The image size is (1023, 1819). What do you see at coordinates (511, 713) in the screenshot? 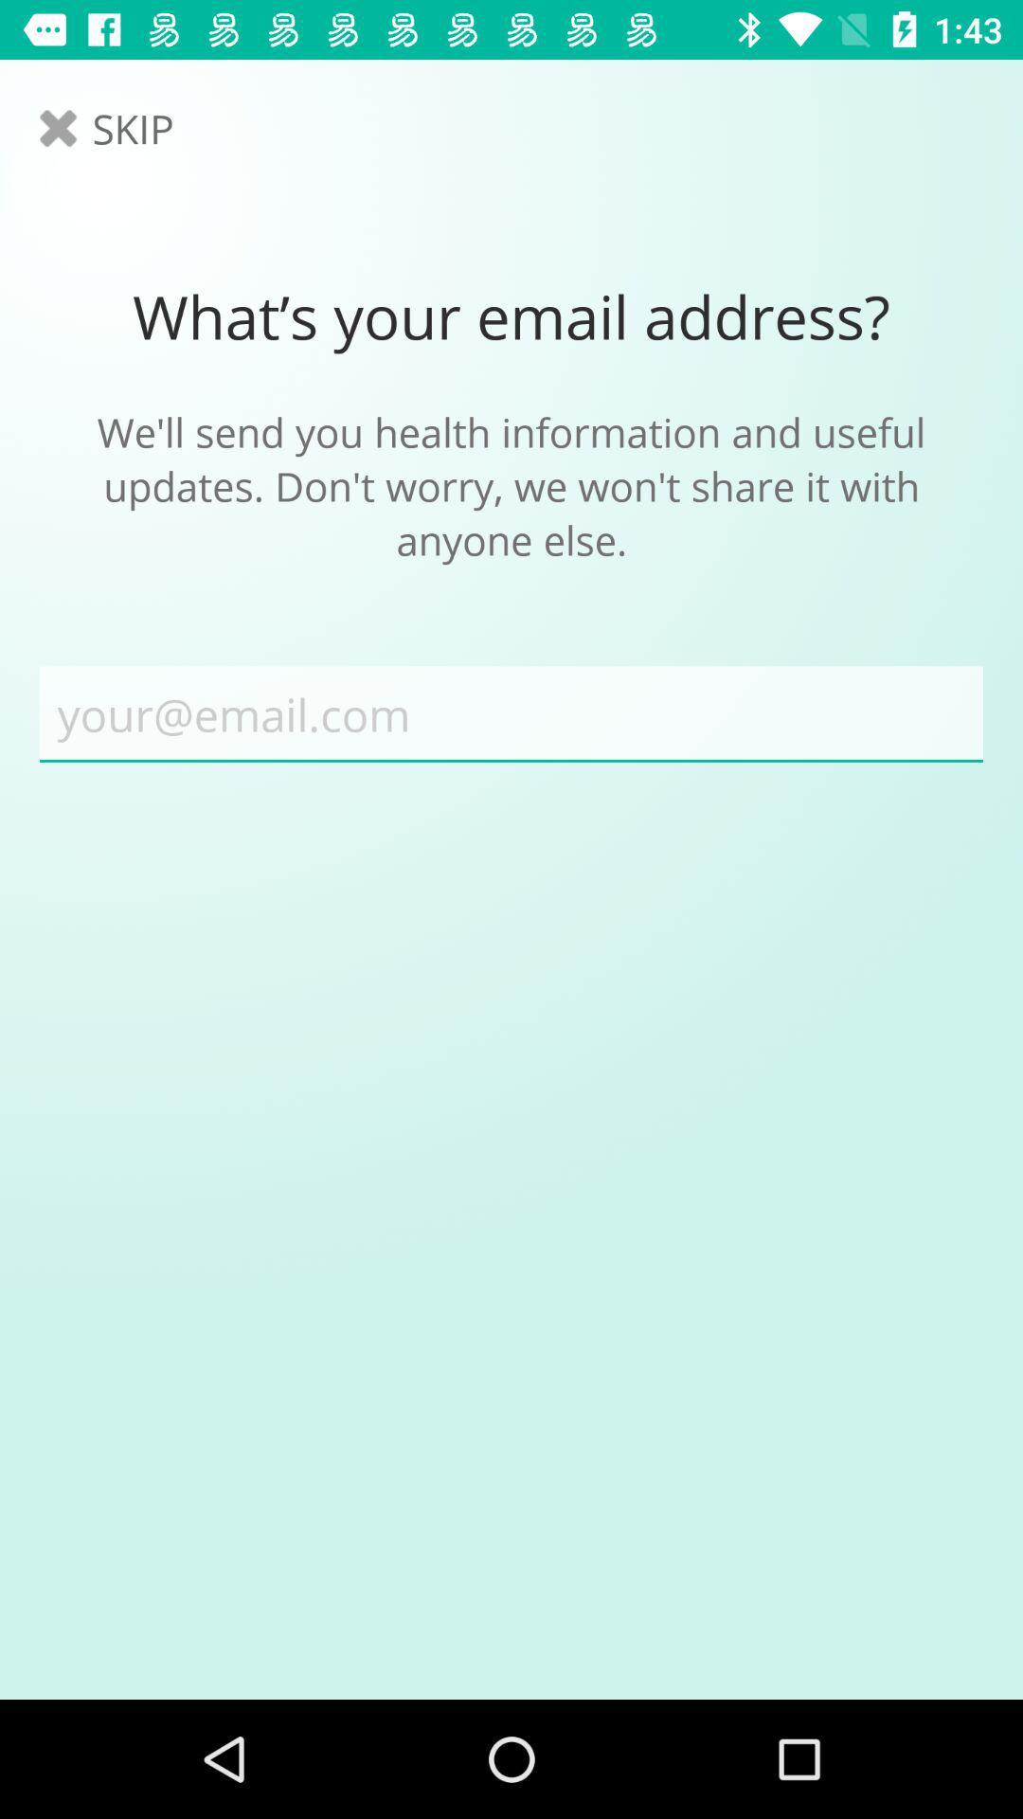
I see `the item below the we ll send item` at bounding box center [511, 713].